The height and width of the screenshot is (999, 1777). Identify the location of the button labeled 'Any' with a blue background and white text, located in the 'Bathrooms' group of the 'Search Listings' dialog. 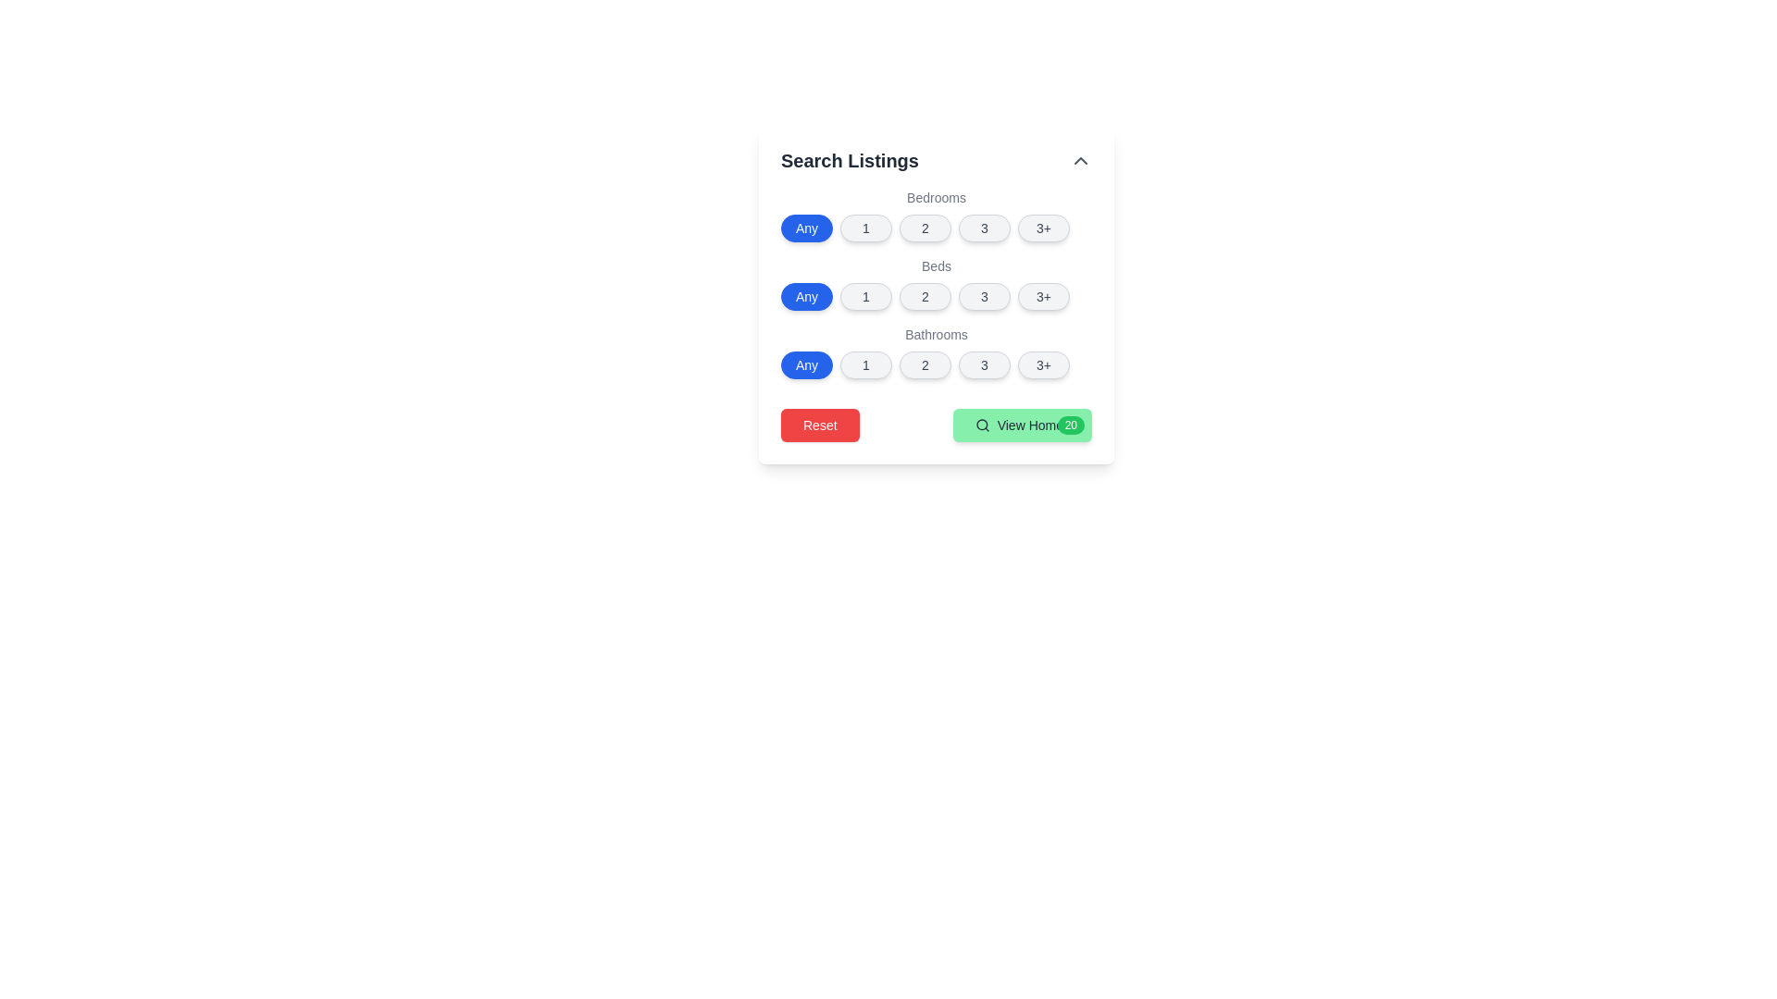
(807, 364).